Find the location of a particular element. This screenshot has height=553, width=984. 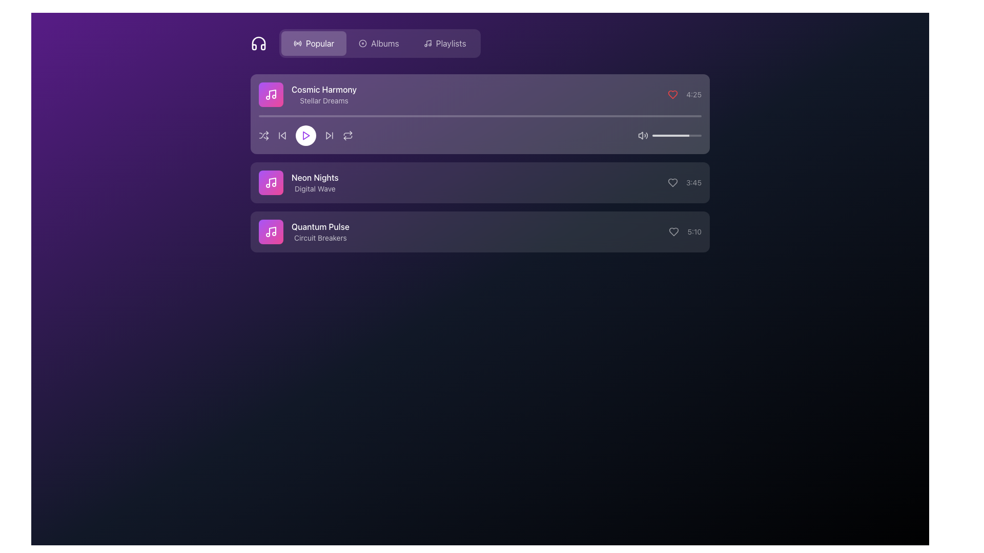

the slider is located at coordinates (653, 135).